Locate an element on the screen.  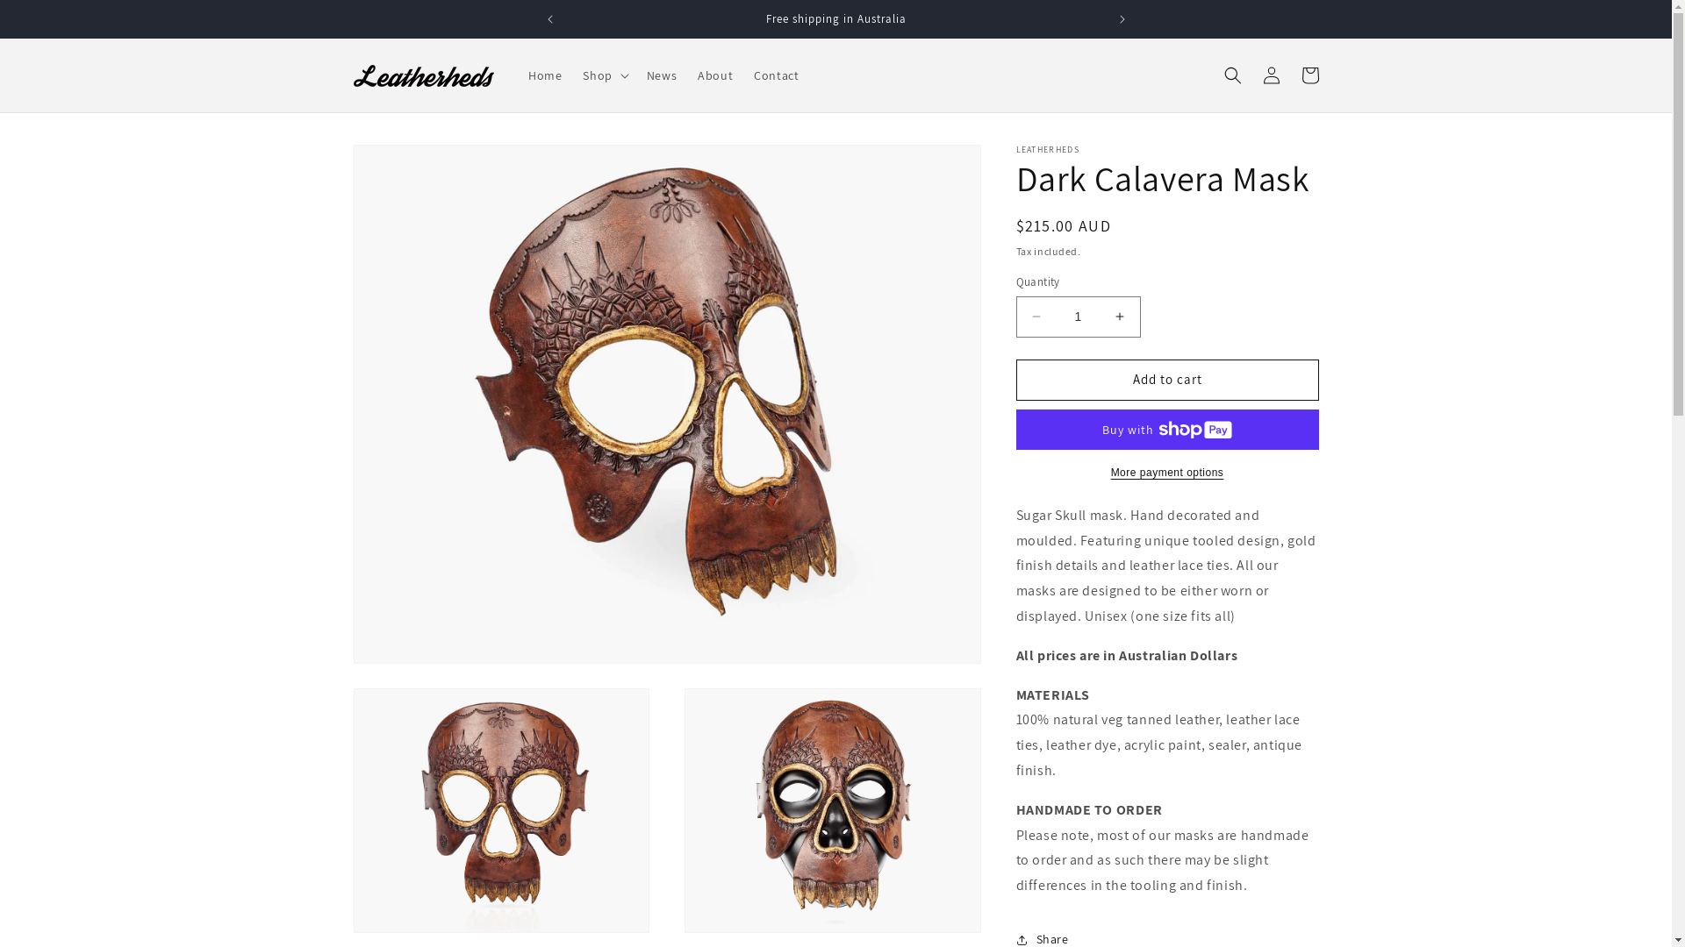
'More payment options' is located at coordinates (1015, 472).